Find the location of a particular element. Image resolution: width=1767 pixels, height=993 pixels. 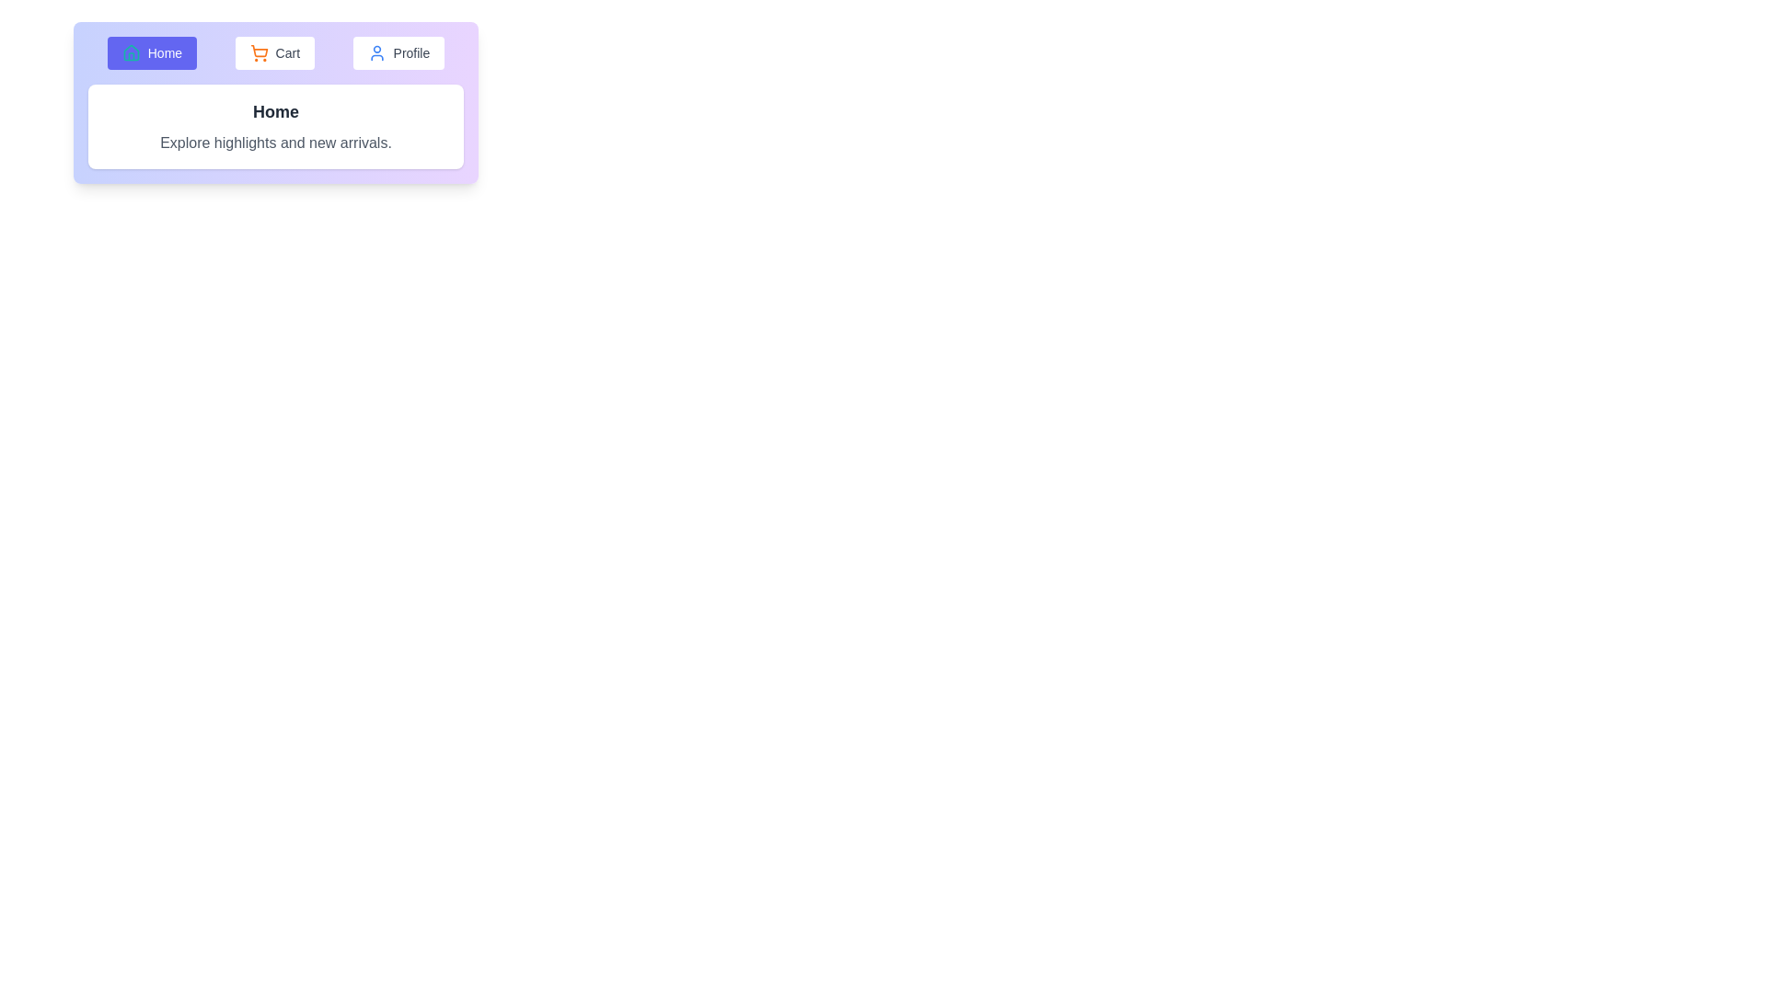

the Cart tab to view its hover effect is located at coordinates (272, 51).